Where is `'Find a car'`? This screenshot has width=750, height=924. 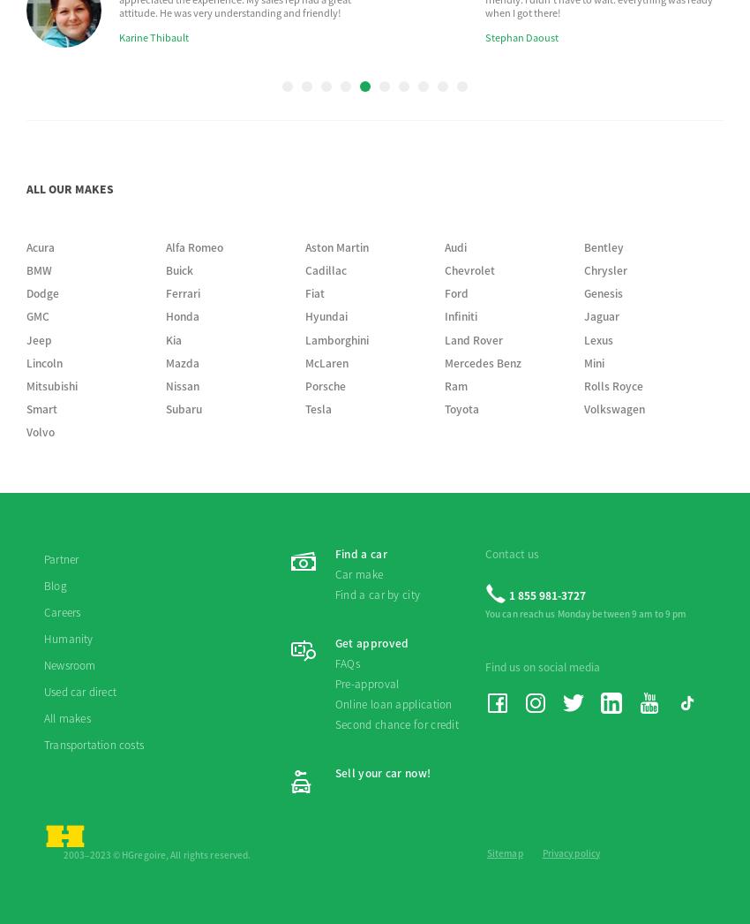
'Find a car' is located at coordinates (360, 217).